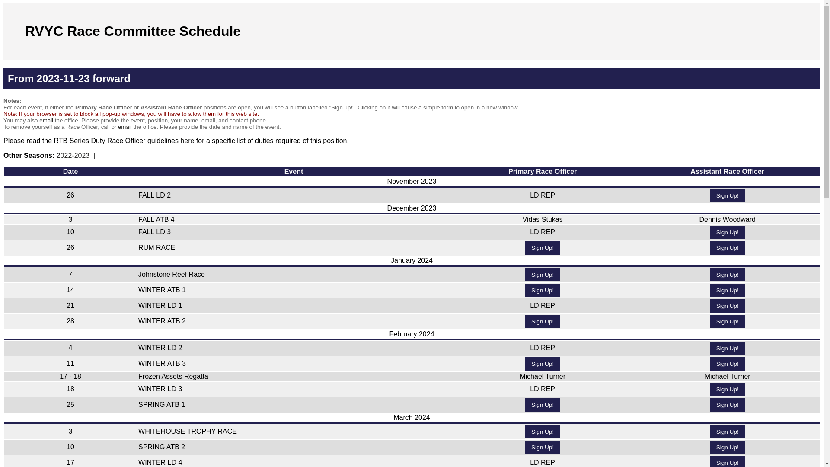  What do you see at coordinates (727, 432) in the screenshot?
I see `'Sign Up!'` at bounding box center [727, 432].